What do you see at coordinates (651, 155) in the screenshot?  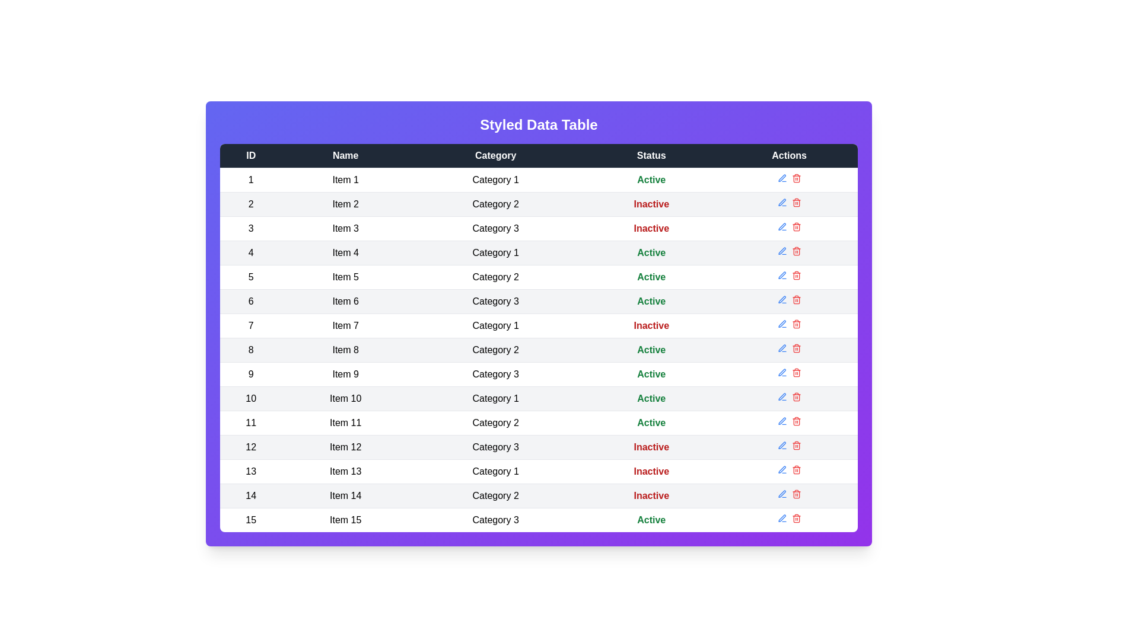 I see `the column header Status to sort the table by that column` at bounding box center [651, 155].